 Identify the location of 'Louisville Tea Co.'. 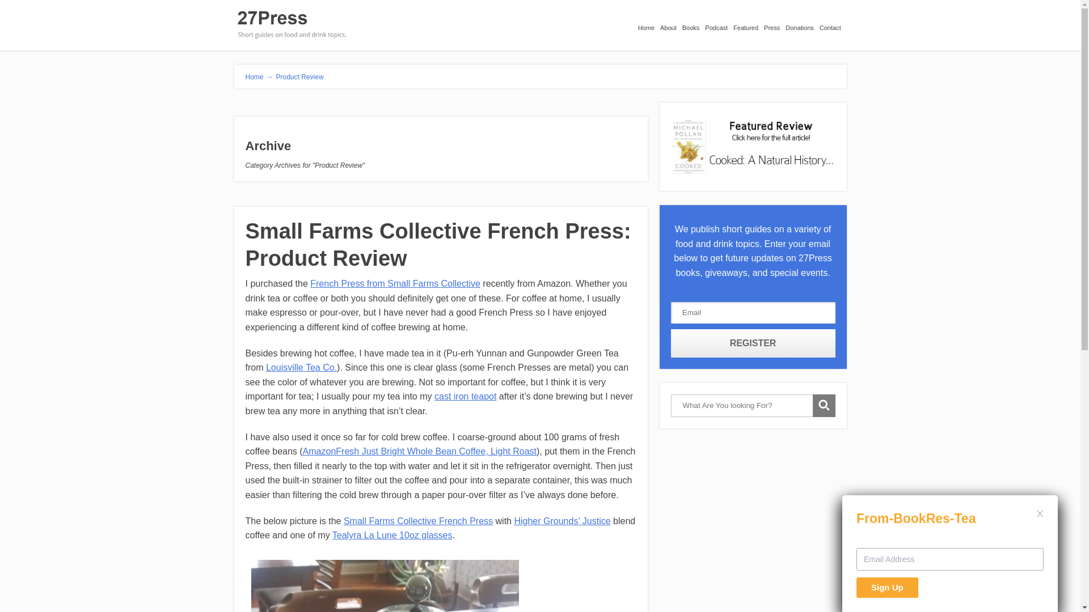
(301, 367).